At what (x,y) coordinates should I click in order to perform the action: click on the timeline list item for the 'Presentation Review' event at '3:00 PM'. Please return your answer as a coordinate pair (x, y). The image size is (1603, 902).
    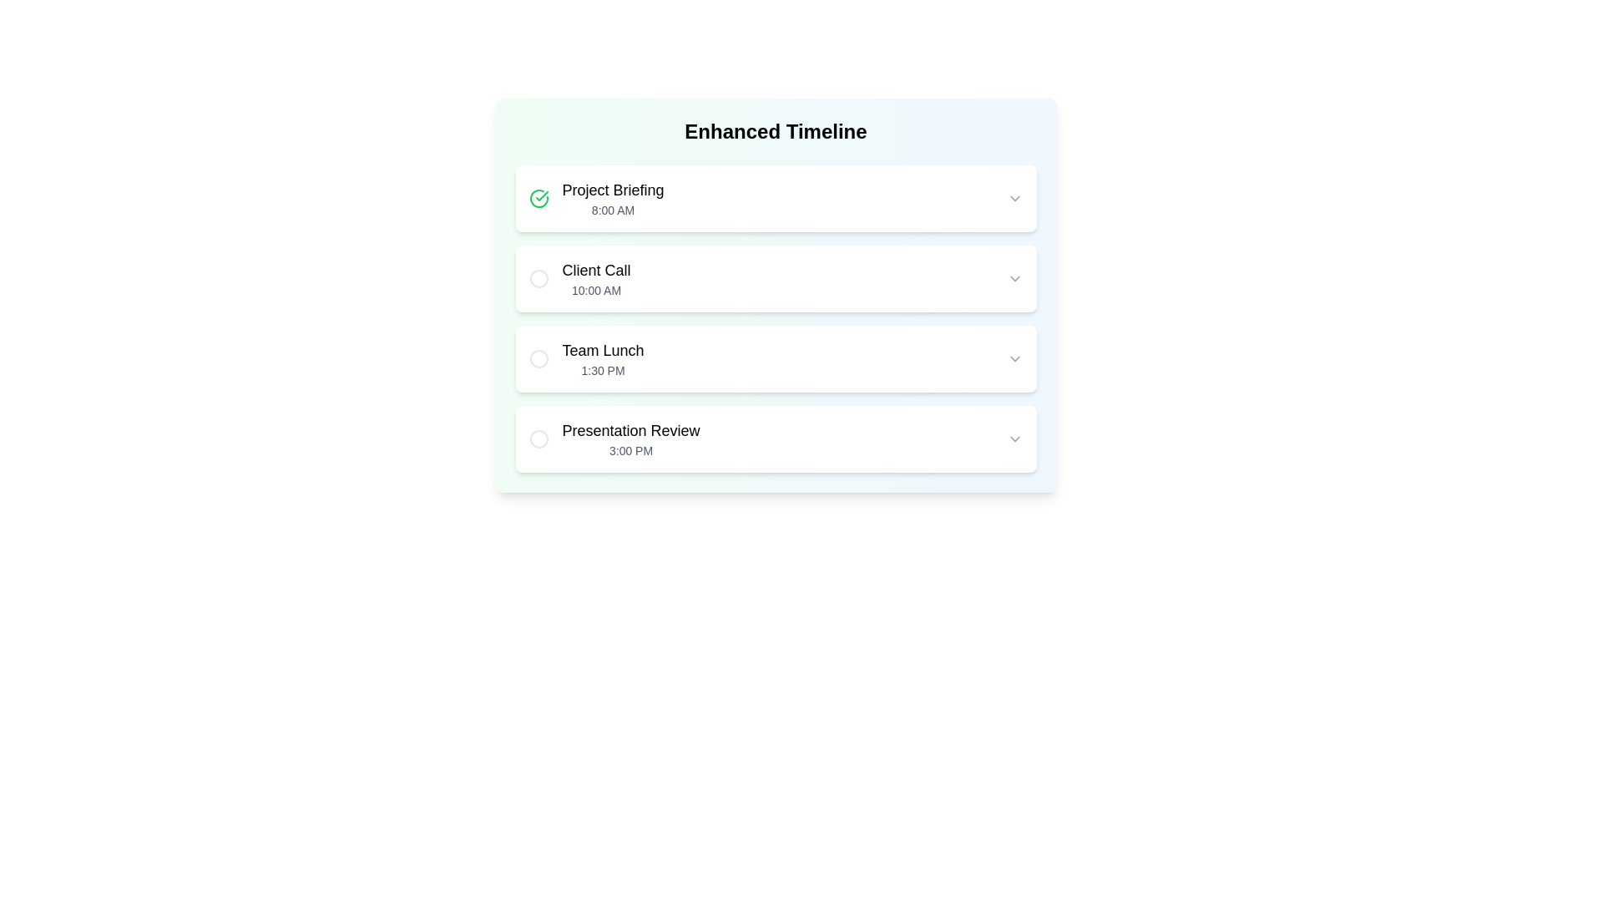
    Looking at the image, I should click on (775, 438).